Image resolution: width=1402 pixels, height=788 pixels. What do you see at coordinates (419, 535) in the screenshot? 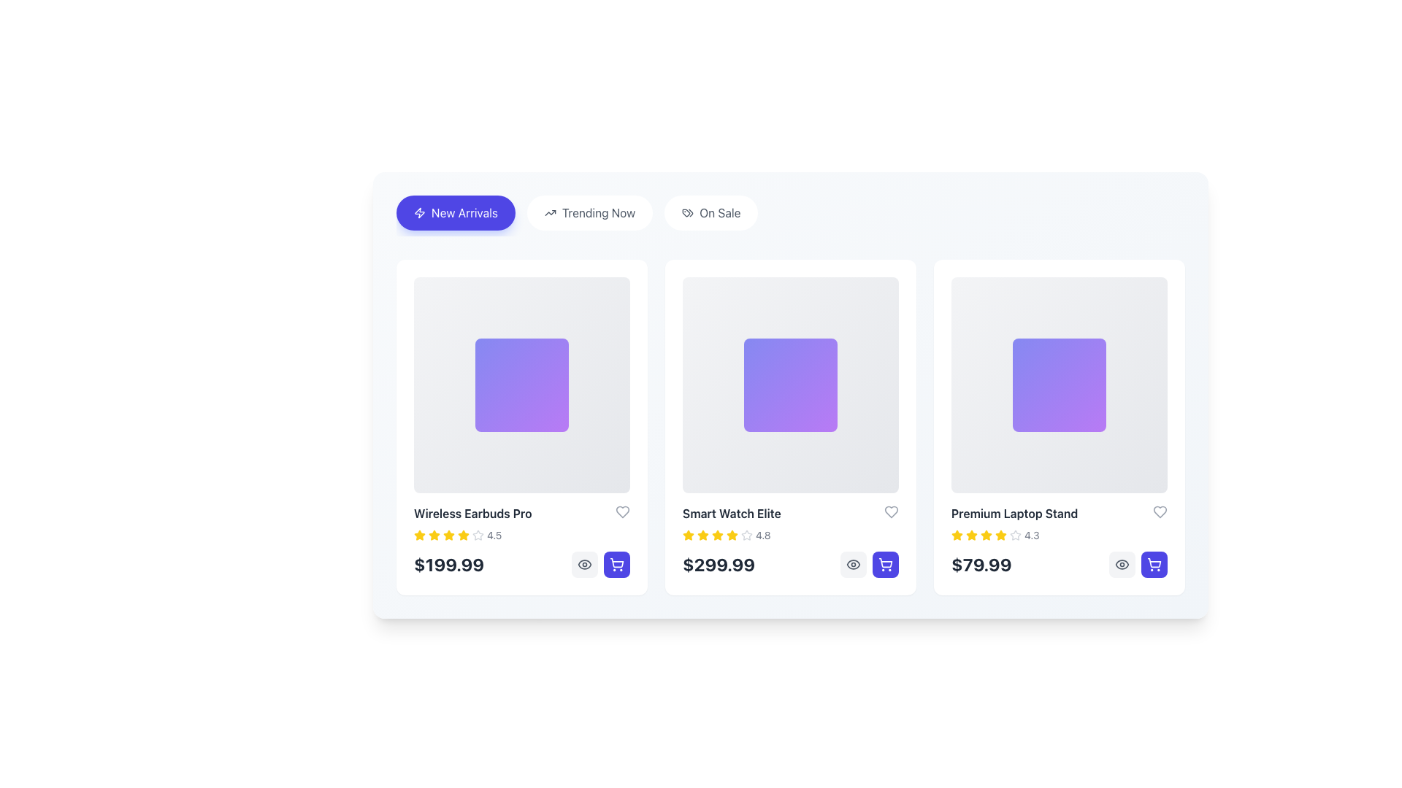
I see `the star icon representing the rating system for the product 'Wireless Earbuds Pro' by clicking on it` at bounding box center [419, 535].